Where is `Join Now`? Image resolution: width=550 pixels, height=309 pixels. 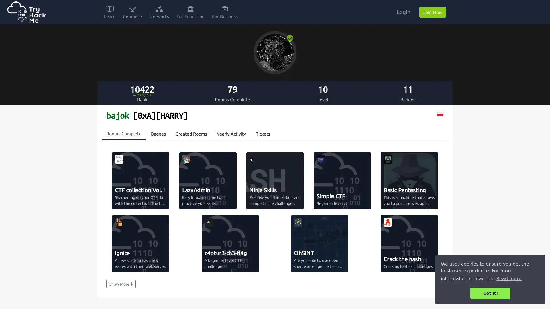
Join Now is located at coordinates (433, 12).